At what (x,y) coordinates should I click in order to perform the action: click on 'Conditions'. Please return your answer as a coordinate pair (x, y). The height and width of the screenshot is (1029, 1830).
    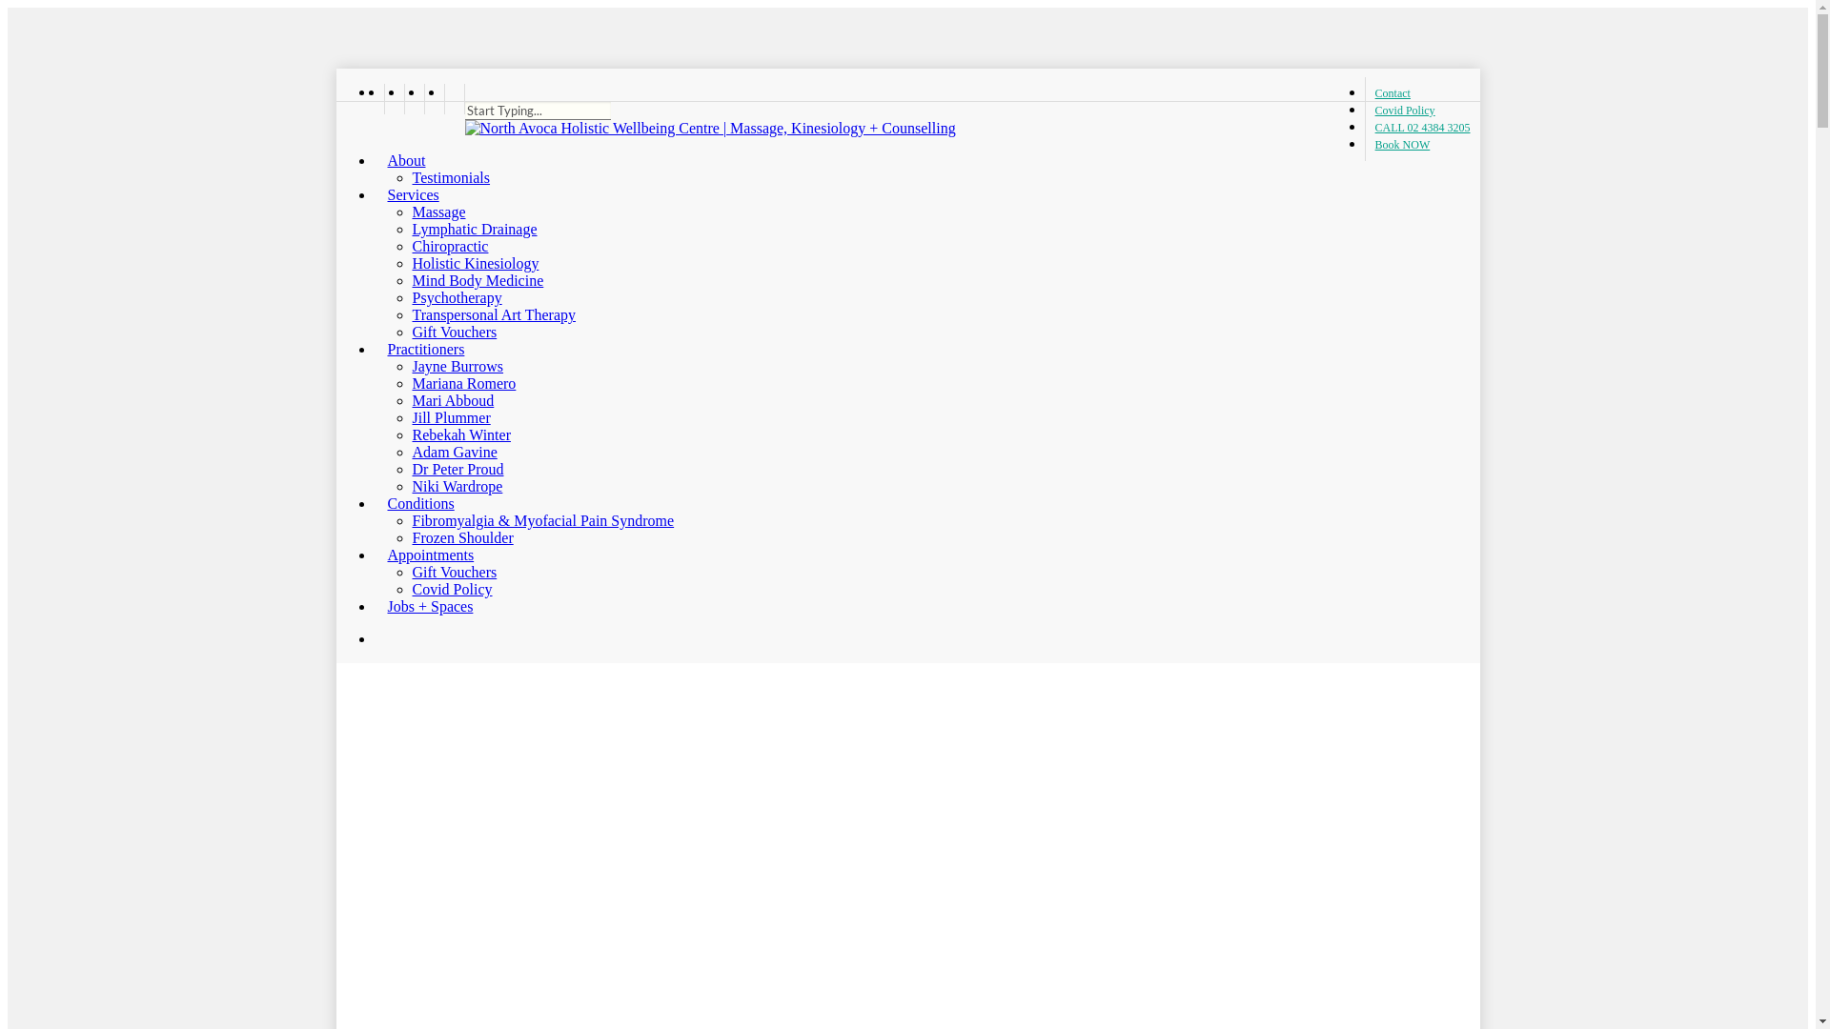
    Looking at the image, I should click on (374, 502).